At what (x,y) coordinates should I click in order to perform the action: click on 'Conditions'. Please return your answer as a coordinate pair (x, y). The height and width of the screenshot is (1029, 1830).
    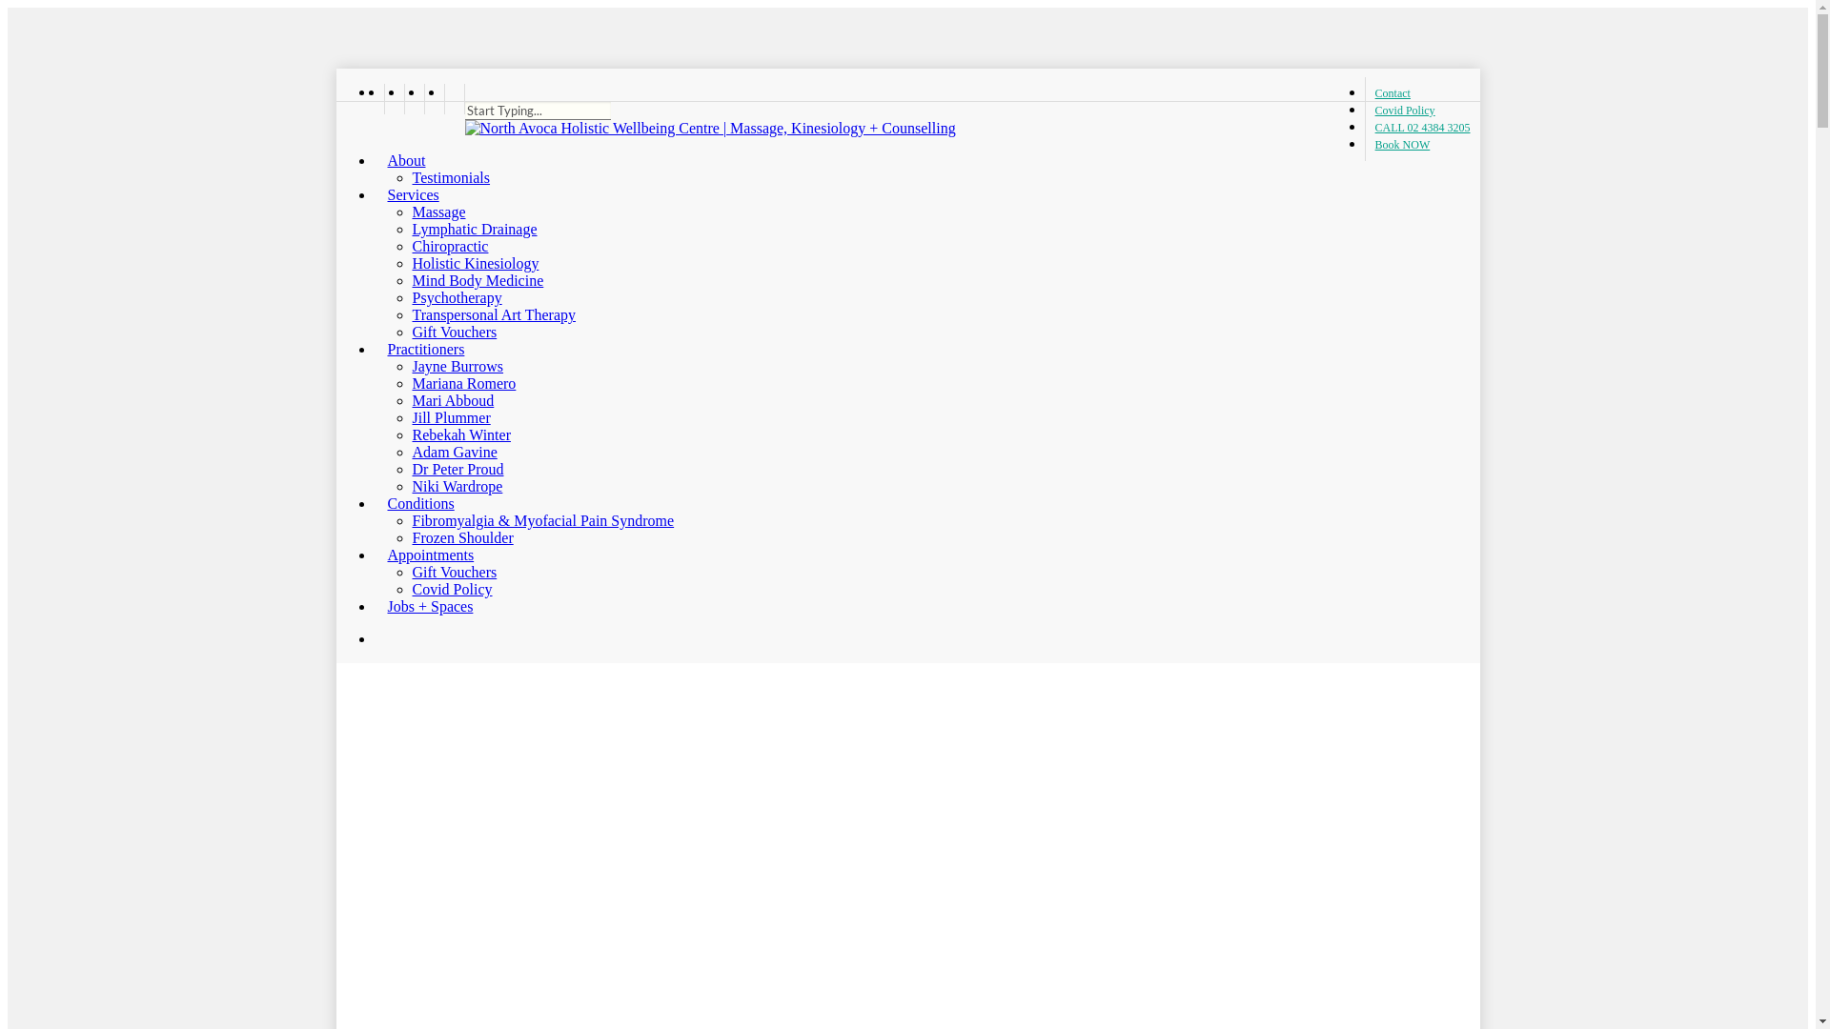
    Looking at the image, I should click on (374, 502).